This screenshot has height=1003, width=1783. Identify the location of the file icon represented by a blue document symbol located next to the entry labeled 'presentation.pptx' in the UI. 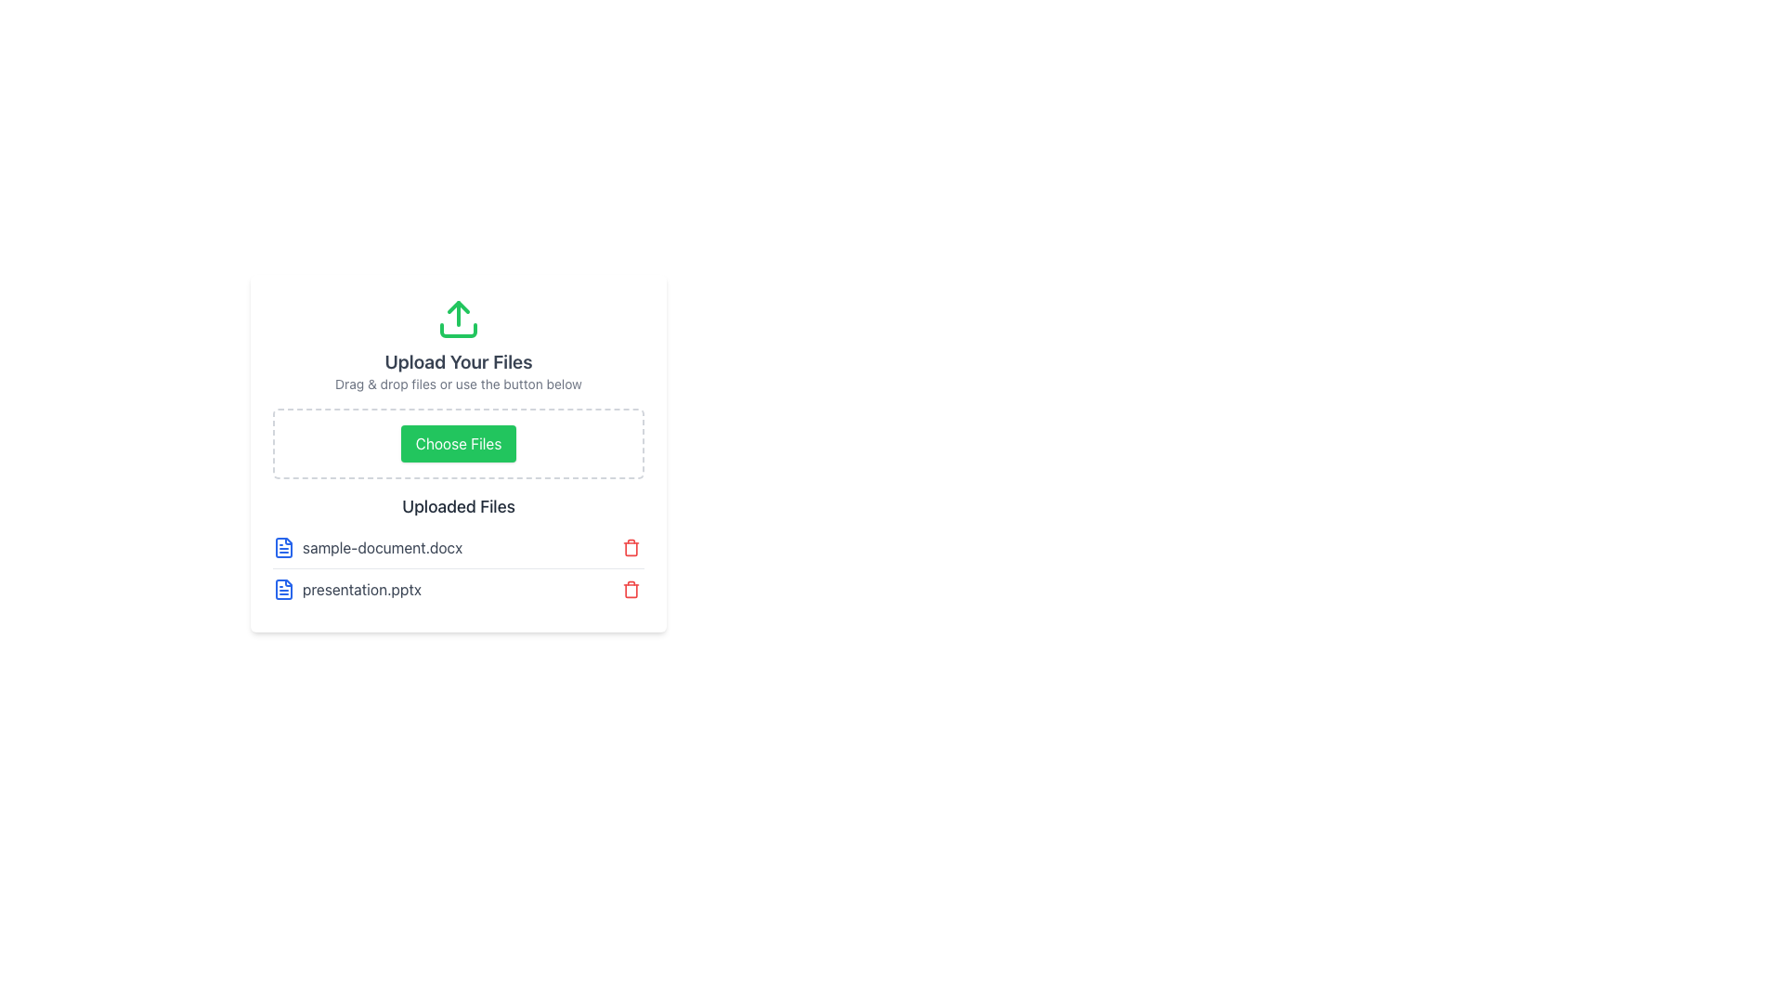
(283, 590).